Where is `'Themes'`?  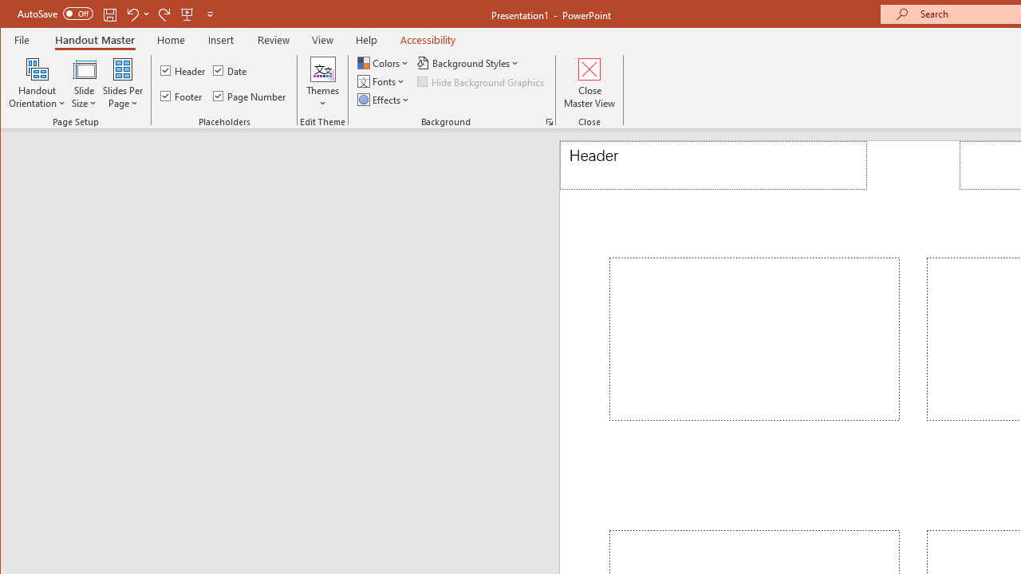
'Themes' is located at coordinates (321, 83).